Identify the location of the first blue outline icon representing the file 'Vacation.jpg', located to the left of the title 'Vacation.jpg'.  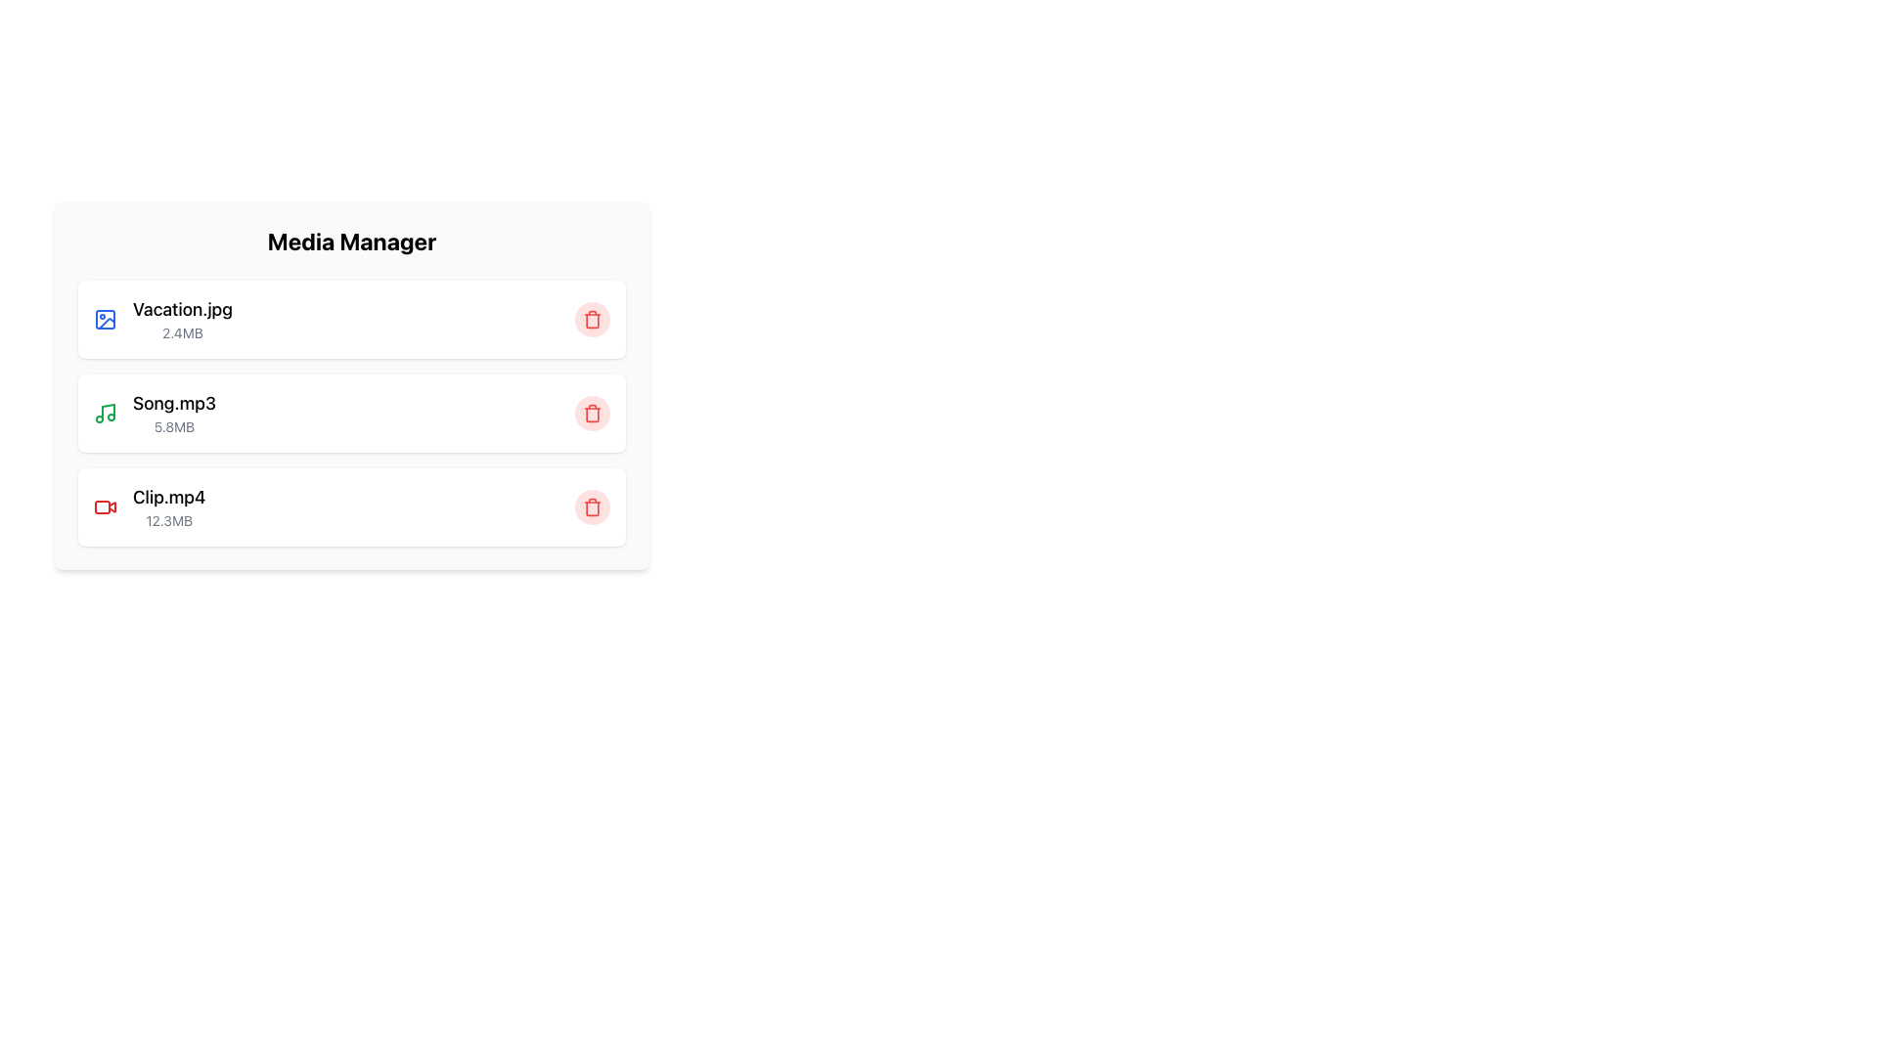
(105, 319).